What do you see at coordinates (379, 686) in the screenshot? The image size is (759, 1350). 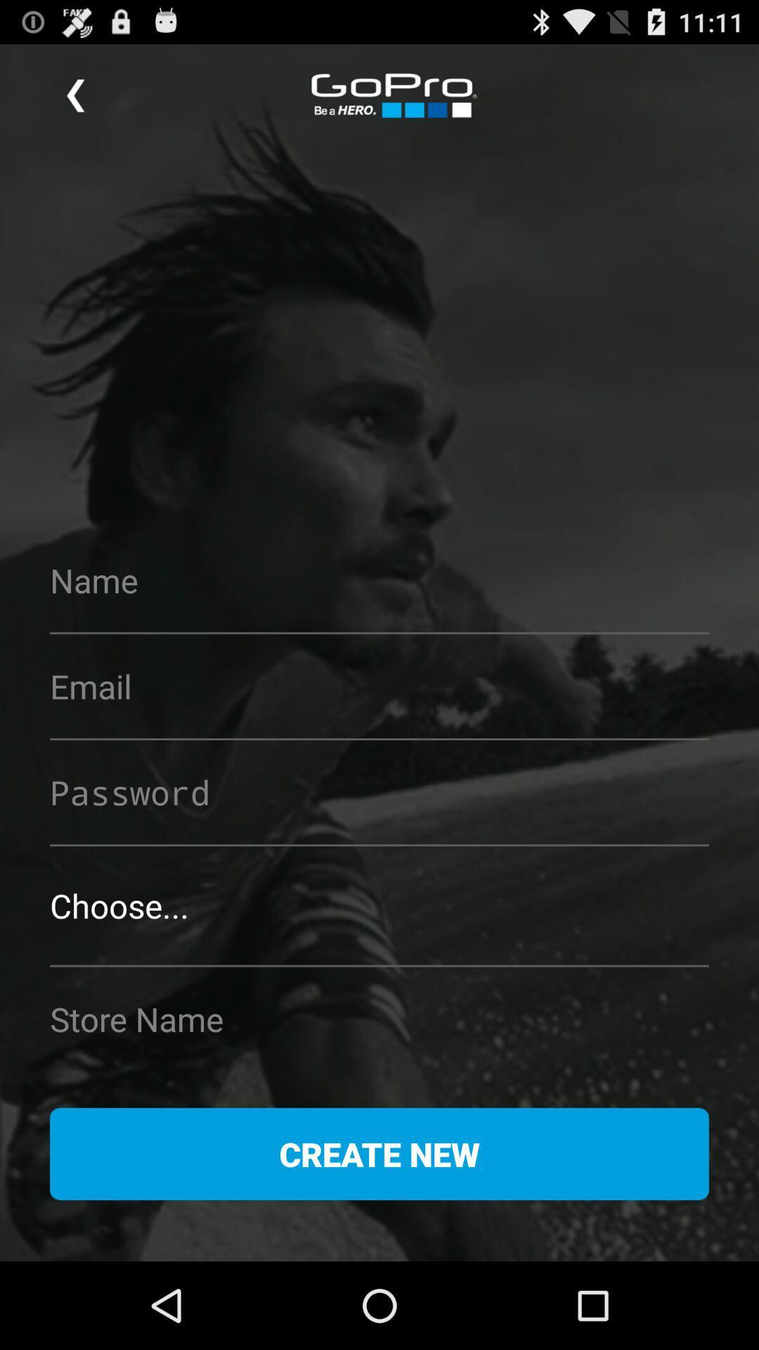 I see `input the email` at bounding box center [379, 686].